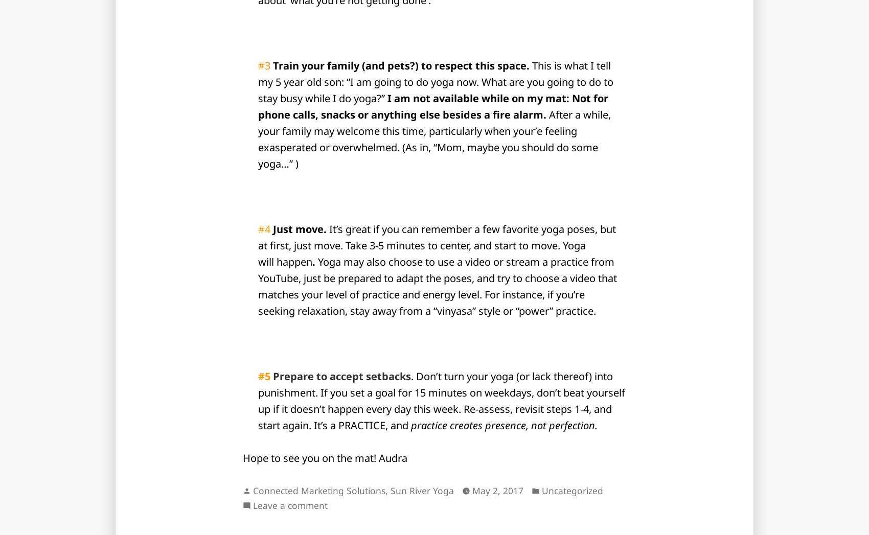  I want to click on 'Hope to see you on the mat! Audra', so click(324, 457).